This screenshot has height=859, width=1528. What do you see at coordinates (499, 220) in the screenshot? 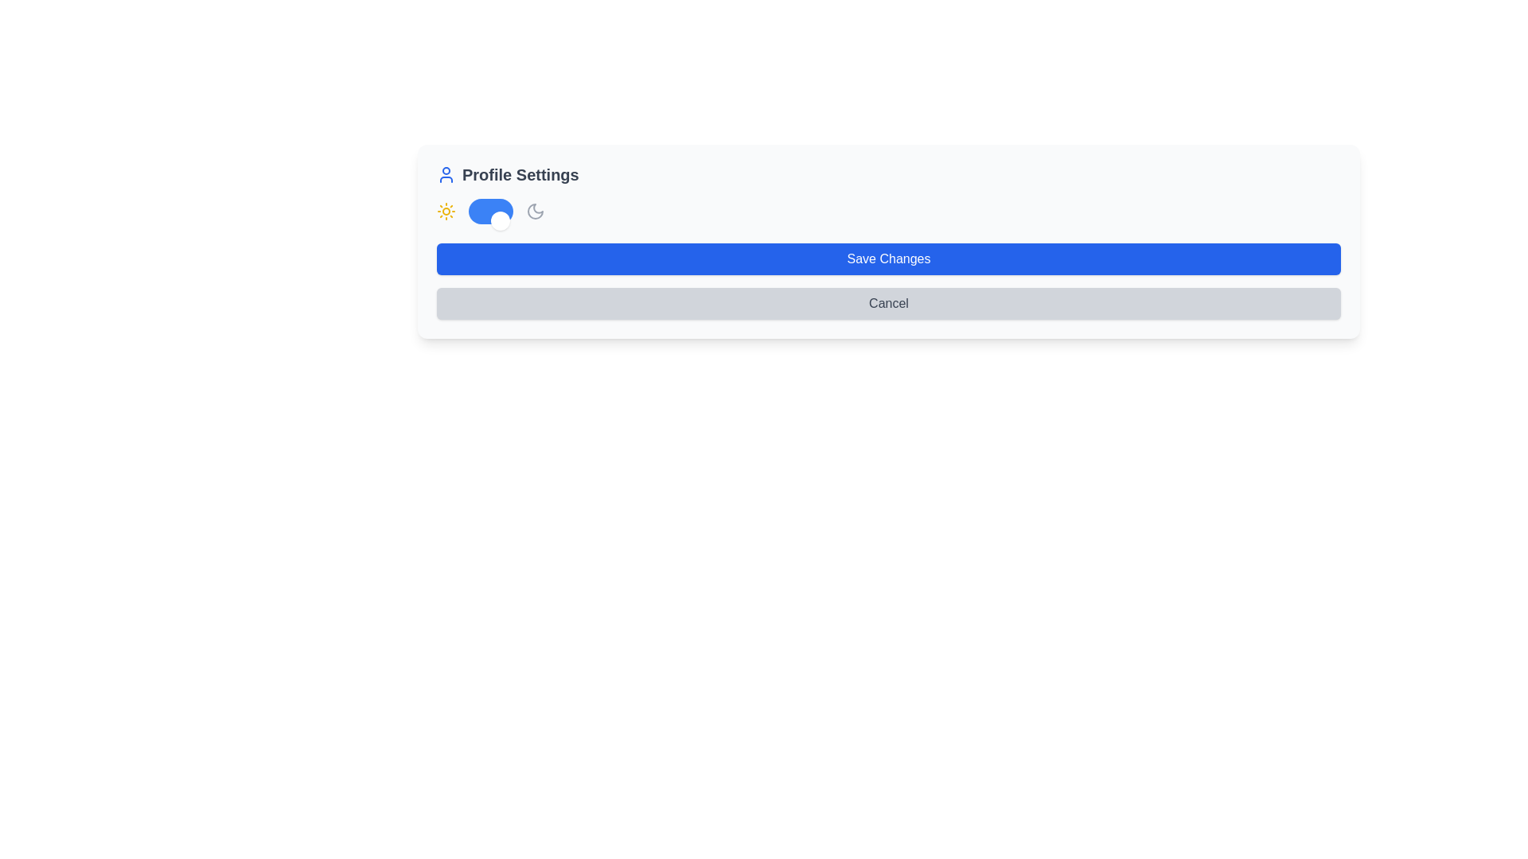
I see `the circular toggle switch handle` at bounding box center [499, 220].